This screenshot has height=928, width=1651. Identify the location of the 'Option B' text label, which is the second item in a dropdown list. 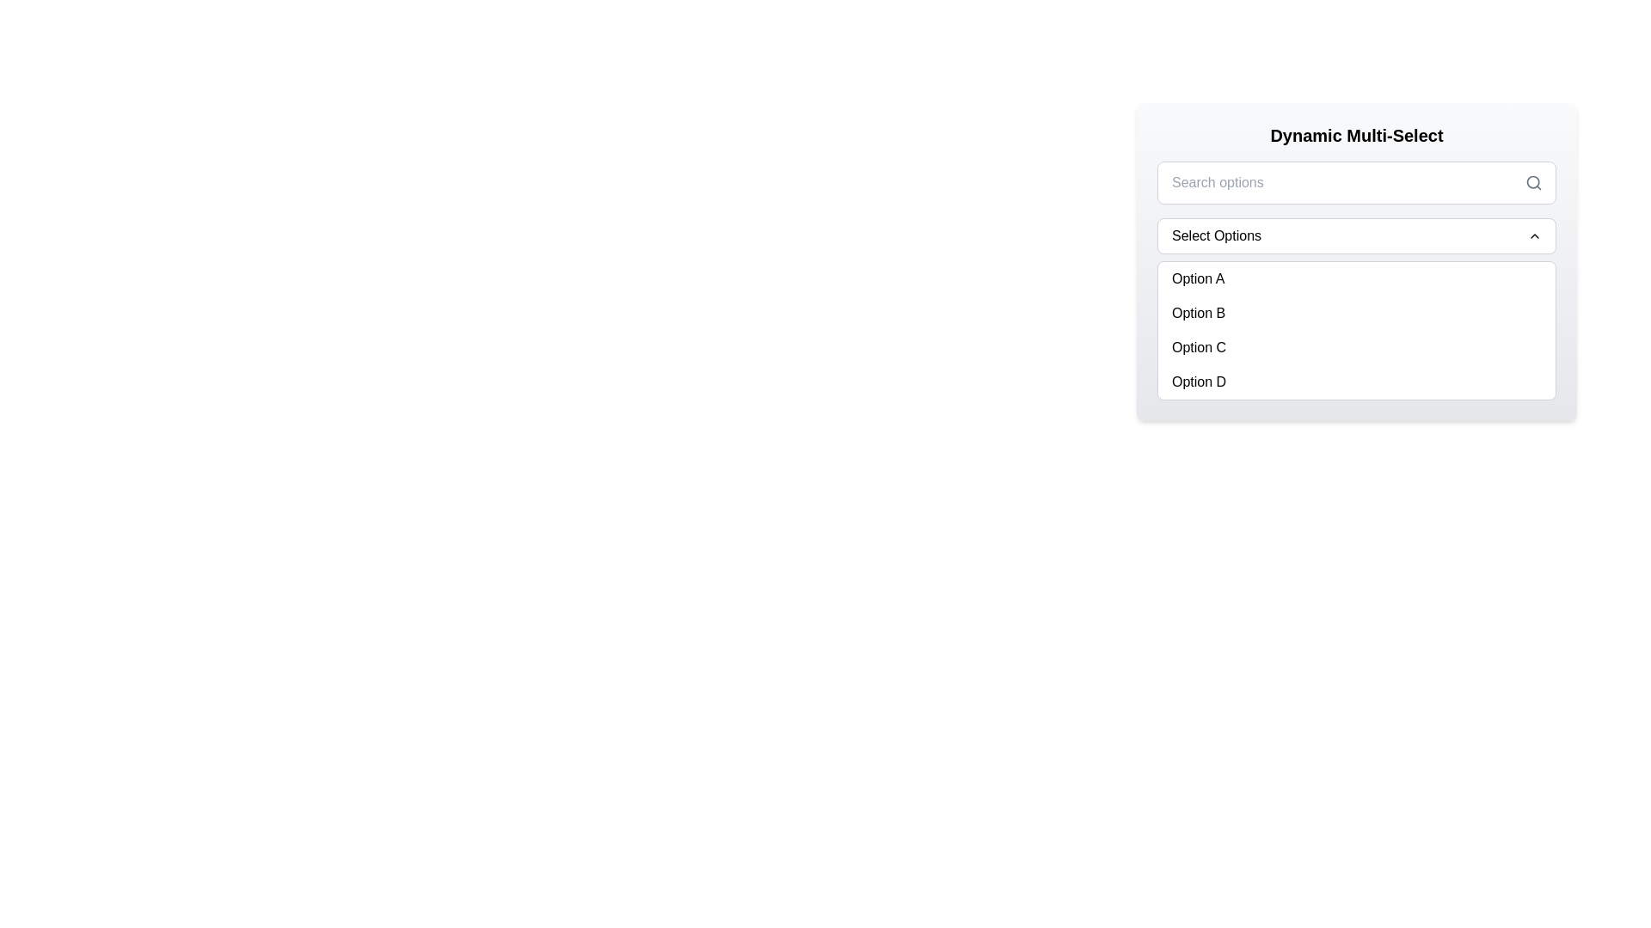
(1197, 314).